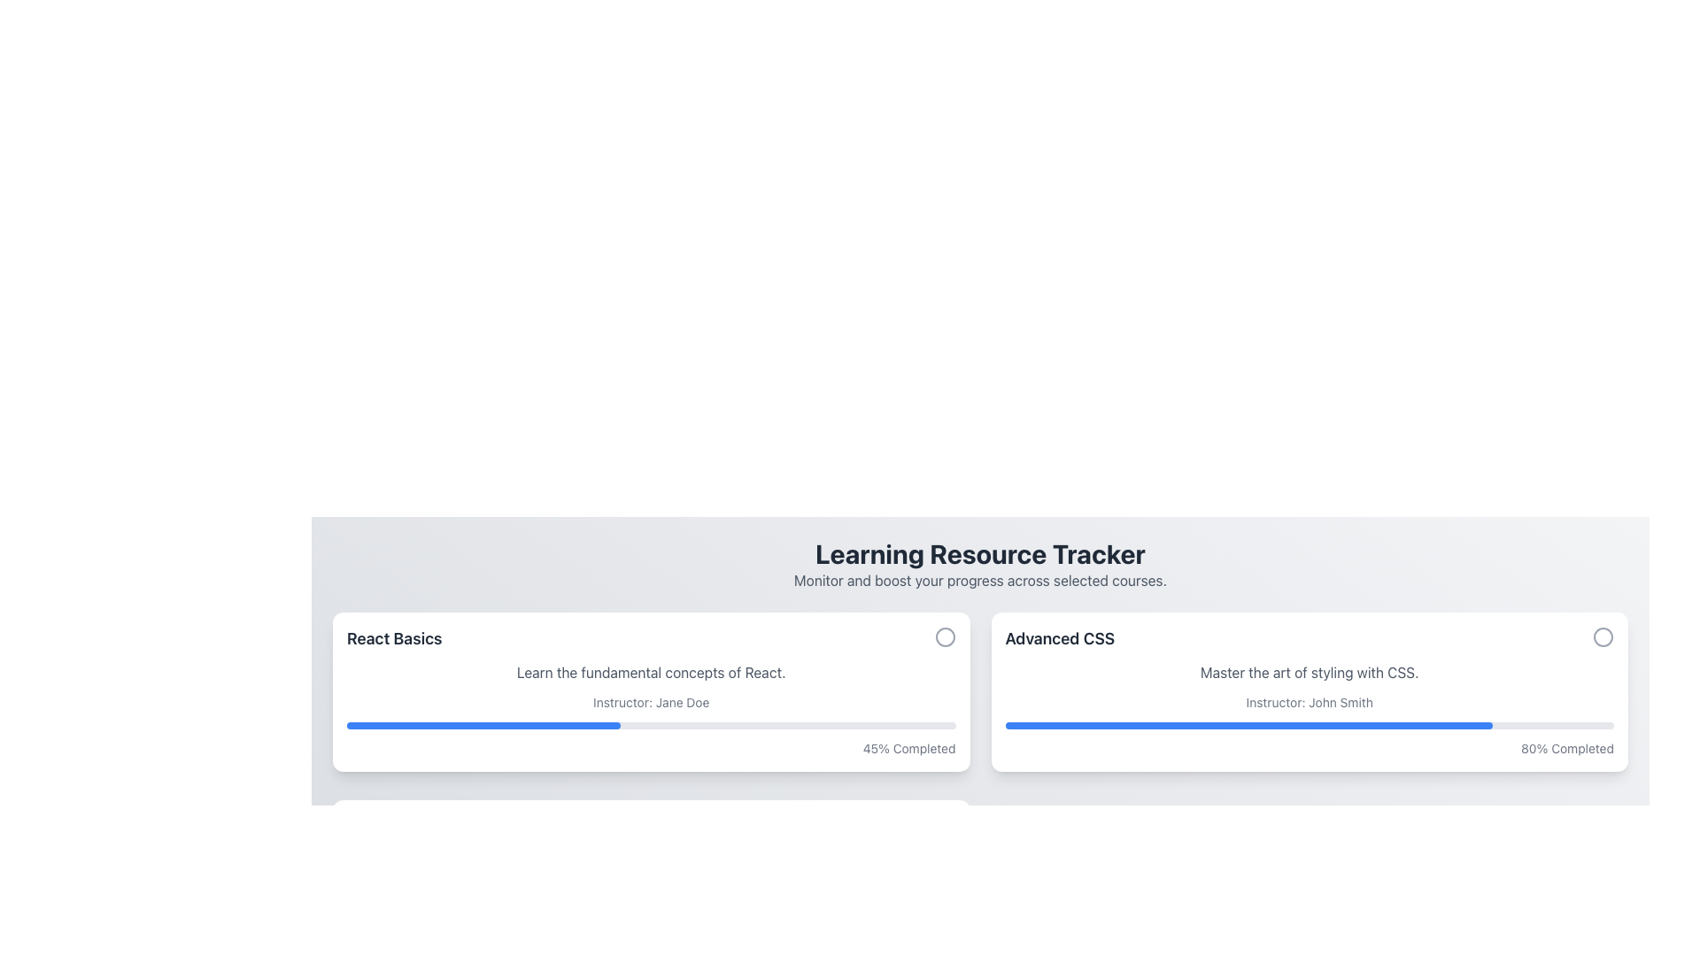 The width and height of the screenshot is (1700, 956). Describe the element at coordinates (1248, 726) in the screenshot. I see `the blue filled portion of the progress bar indicating 80% completion in the 'Advanced CSS' course section` at that location.